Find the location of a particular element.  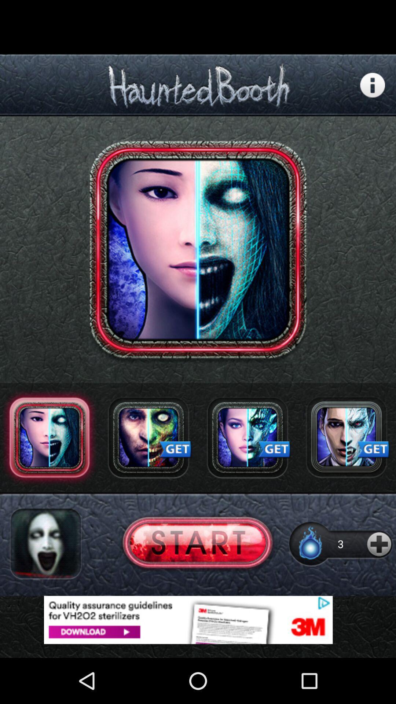

choose this is located at coordinates (197, 544).